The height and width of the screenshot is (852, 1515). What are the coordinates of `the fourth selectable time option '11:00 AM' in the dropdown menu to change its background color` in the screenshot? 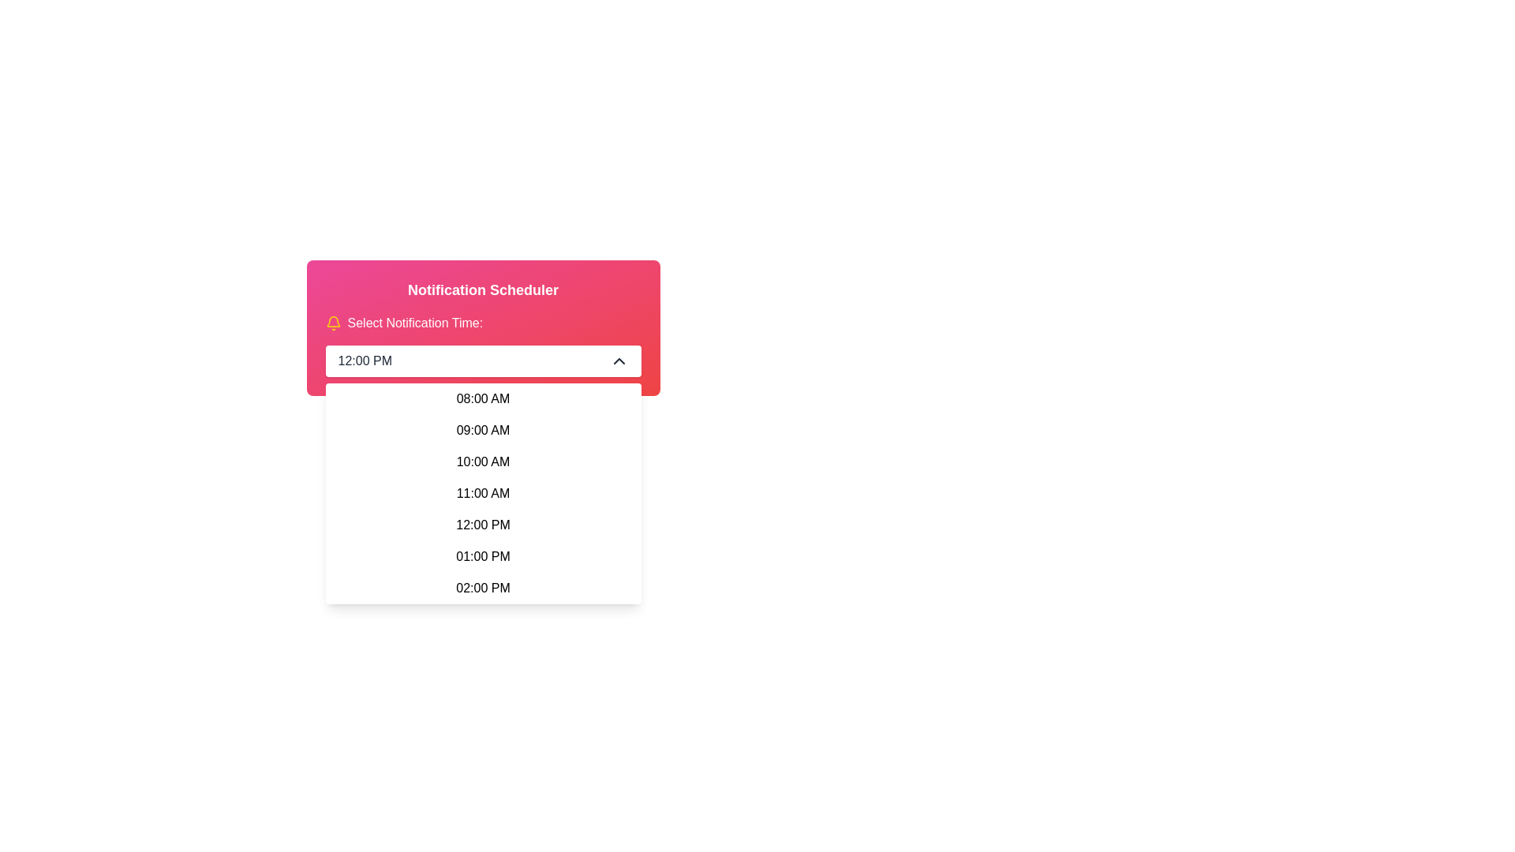 It's located at (482, 492).